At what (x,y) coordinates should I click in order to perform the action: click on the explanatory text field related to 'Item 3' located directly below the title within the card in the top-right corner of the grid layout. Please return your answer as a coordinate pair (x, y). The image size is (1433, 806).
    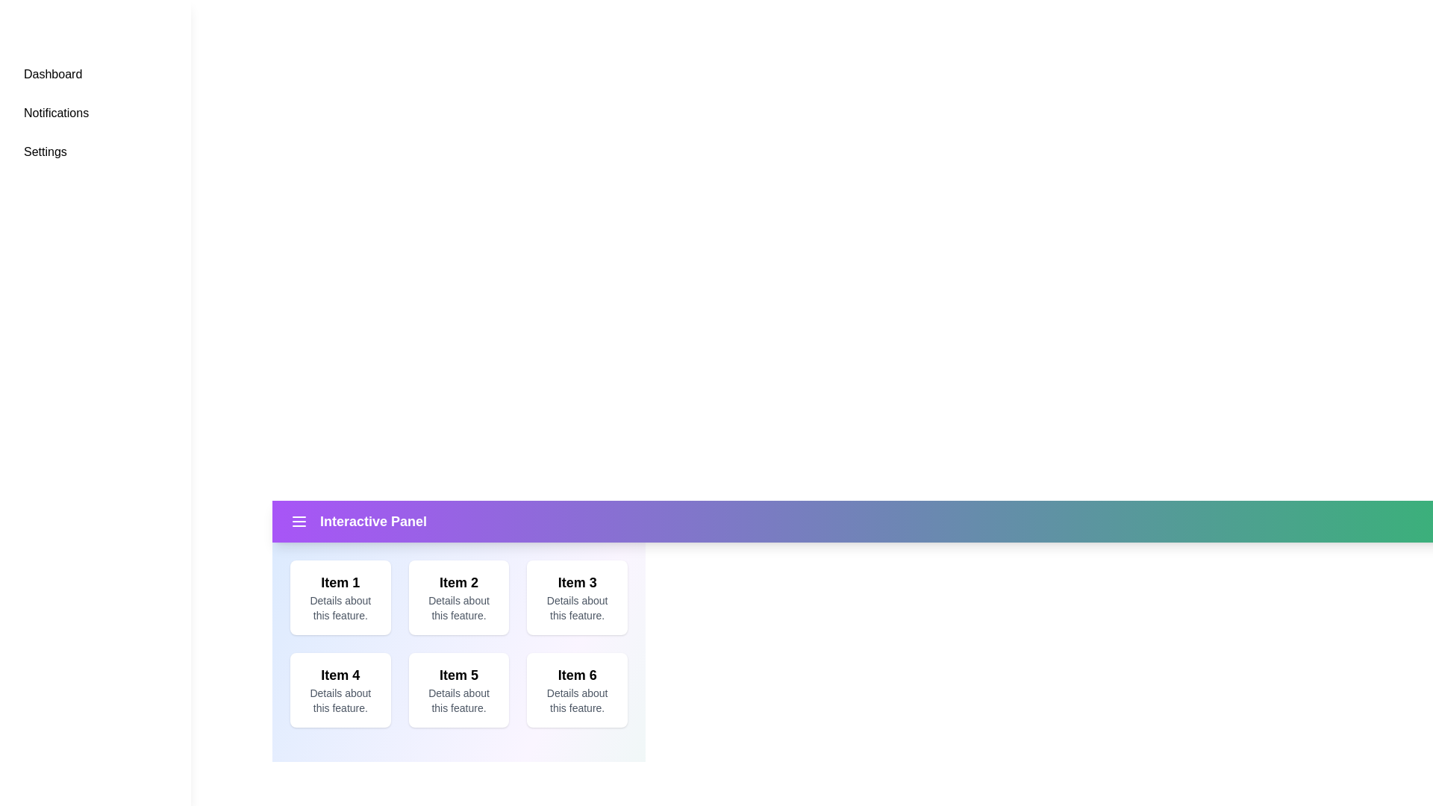
    Looking at the image, I should click on (576, 607).